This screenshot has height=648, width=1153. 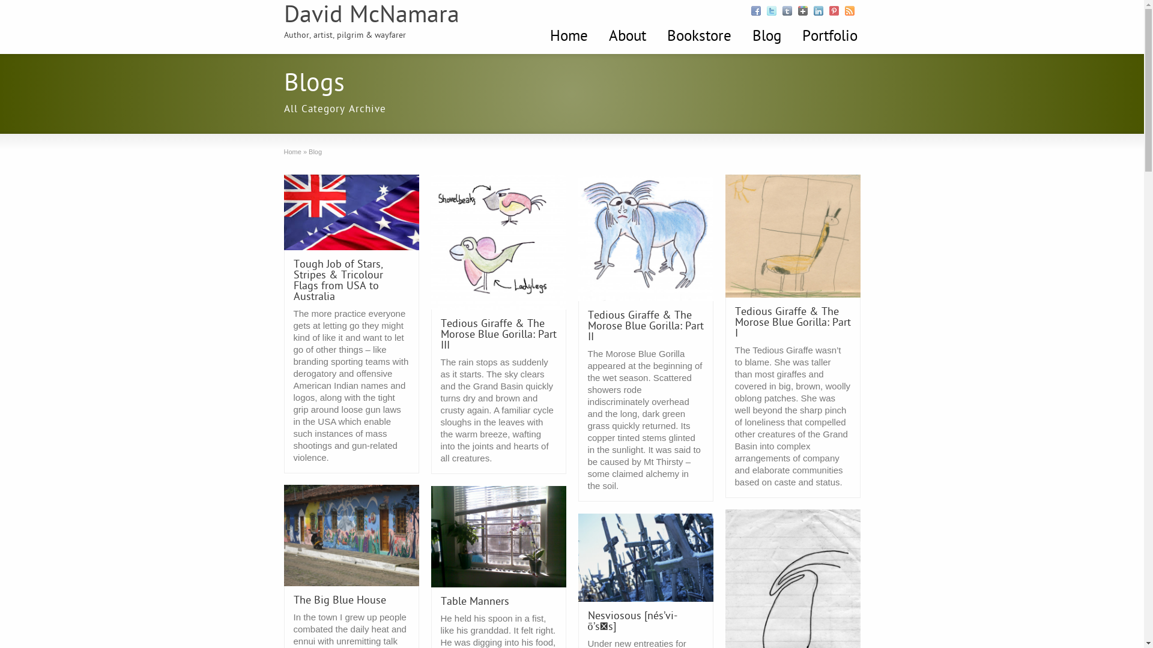 What do you see at coordinates (770, 11) in the screenshot?
I see `'Follow Me Twitter'` at bounding box center [770, 11].